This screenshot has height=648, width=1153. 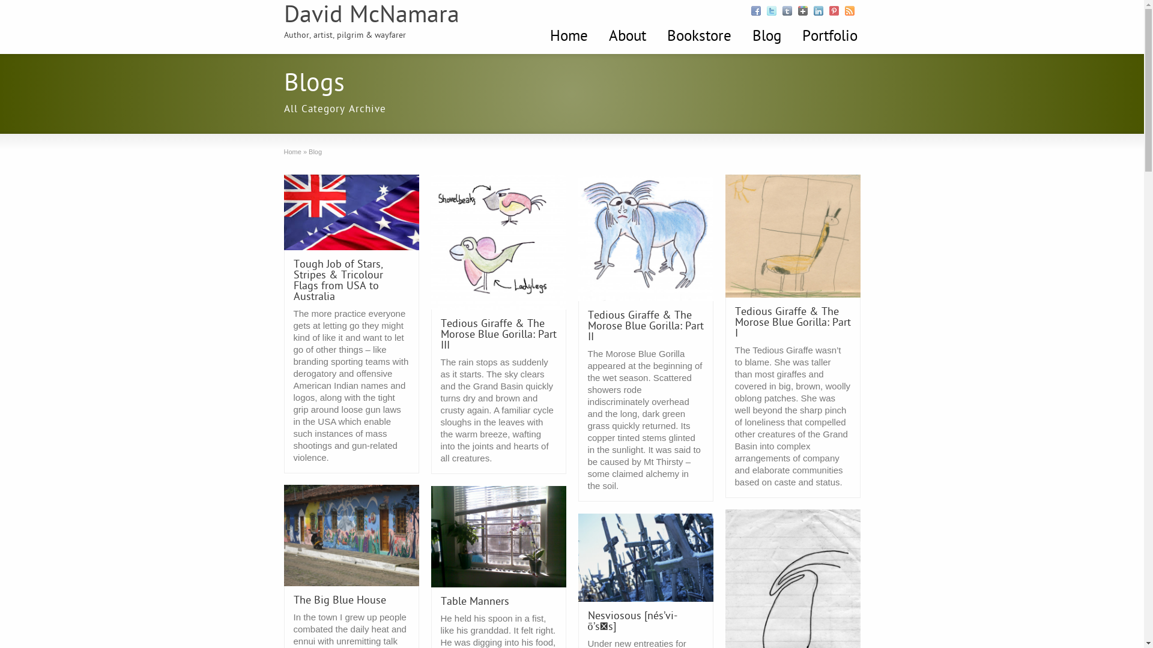 What do you see at coordinates (770, 11) in the screenshot?
I see `'Follow Me Twitter'` at bounding box center [770, 11].